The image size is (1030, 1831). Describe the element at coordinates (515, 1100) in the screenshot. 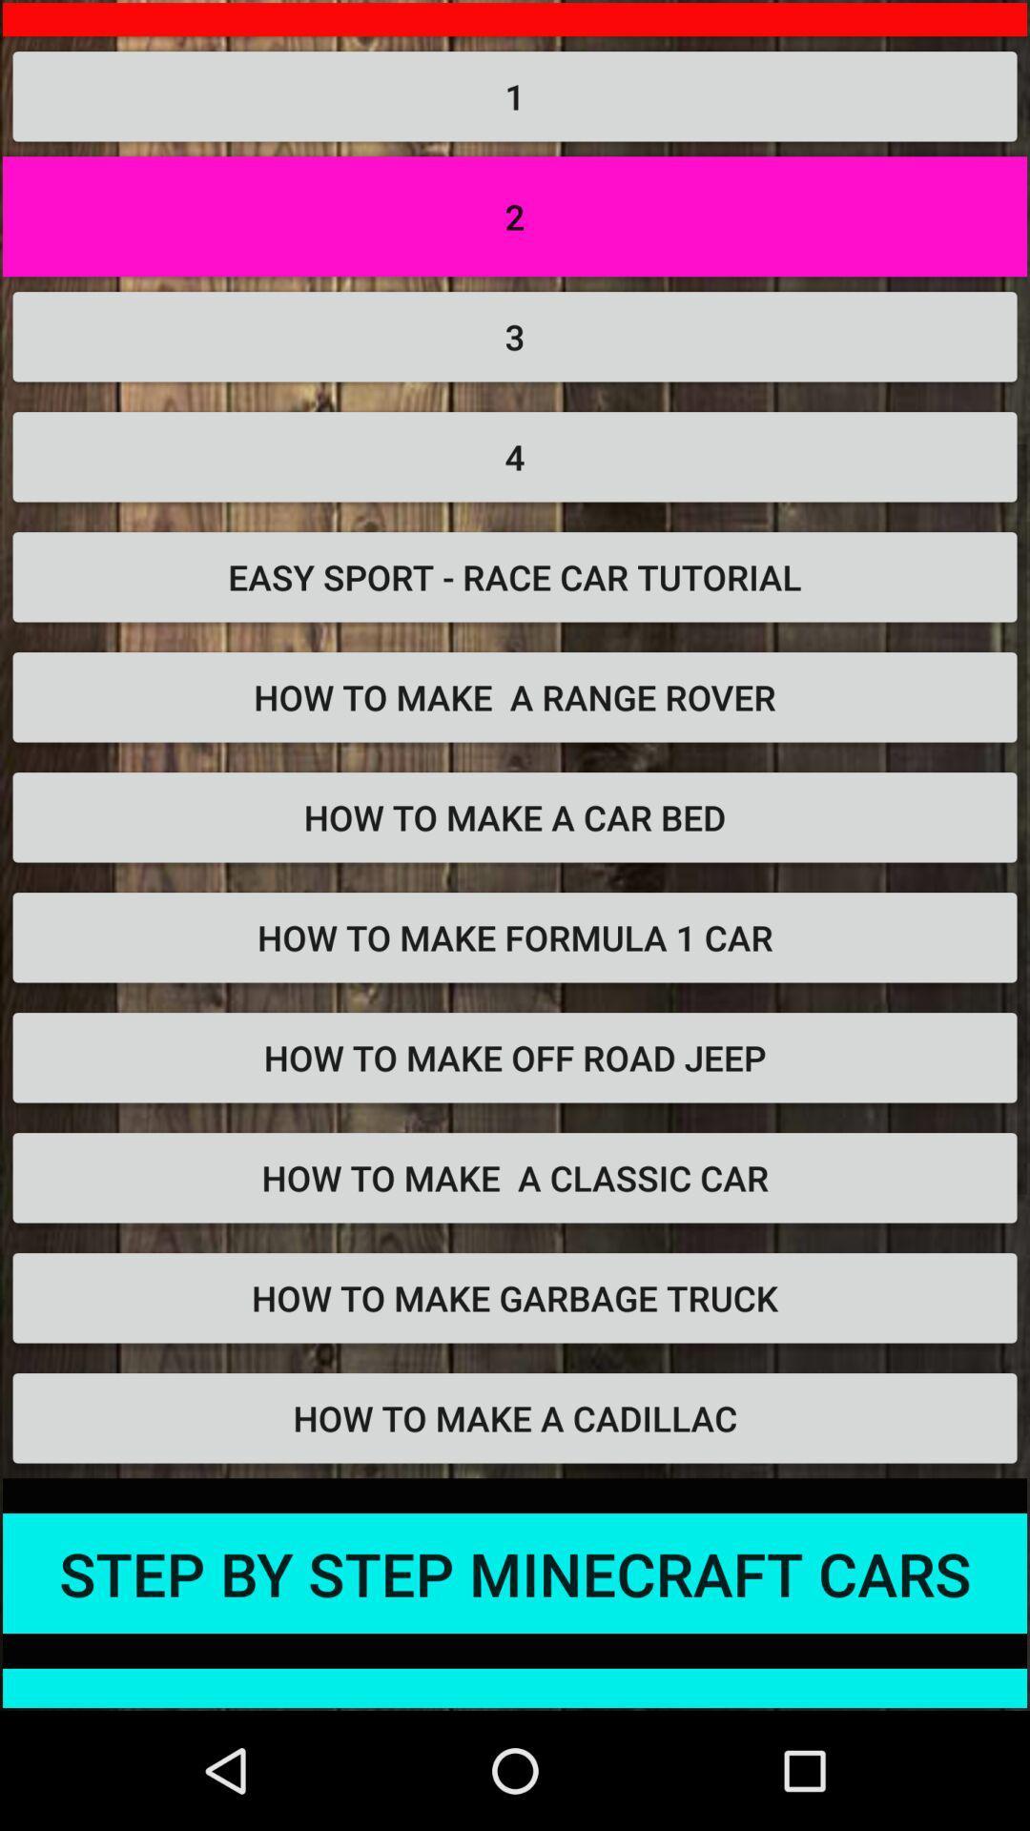

I see `how to make off road jeep` at that location.